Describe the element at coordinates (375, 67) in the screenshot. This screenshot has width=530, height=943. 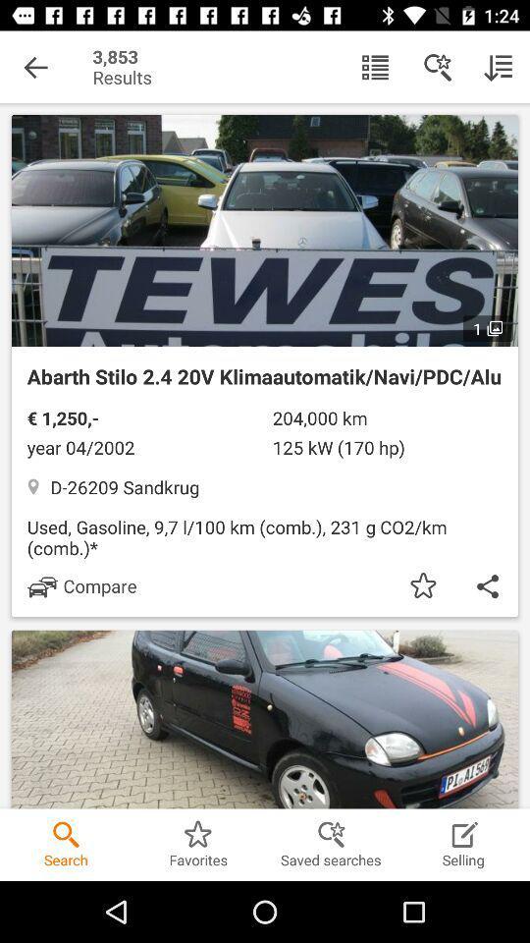
I see `icon next to the results icon` at that location.